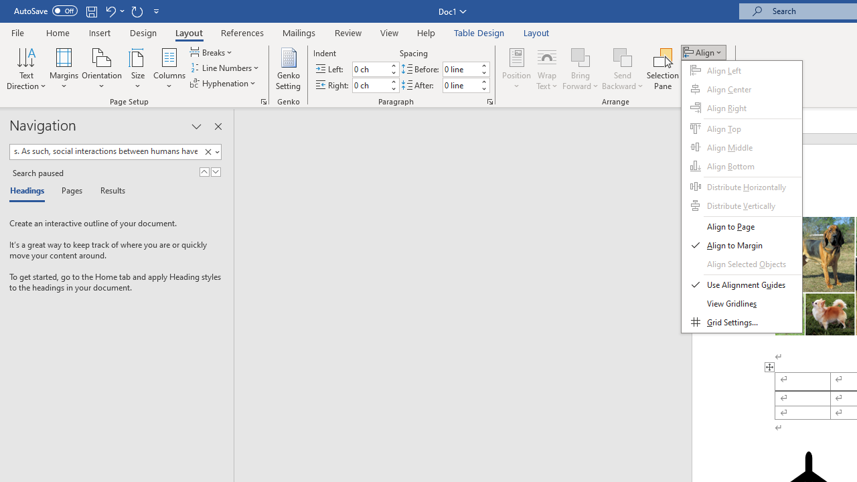 The height and width of the screenshot is (482, 857). I want to click on 'Next Result', so click(216, 171).